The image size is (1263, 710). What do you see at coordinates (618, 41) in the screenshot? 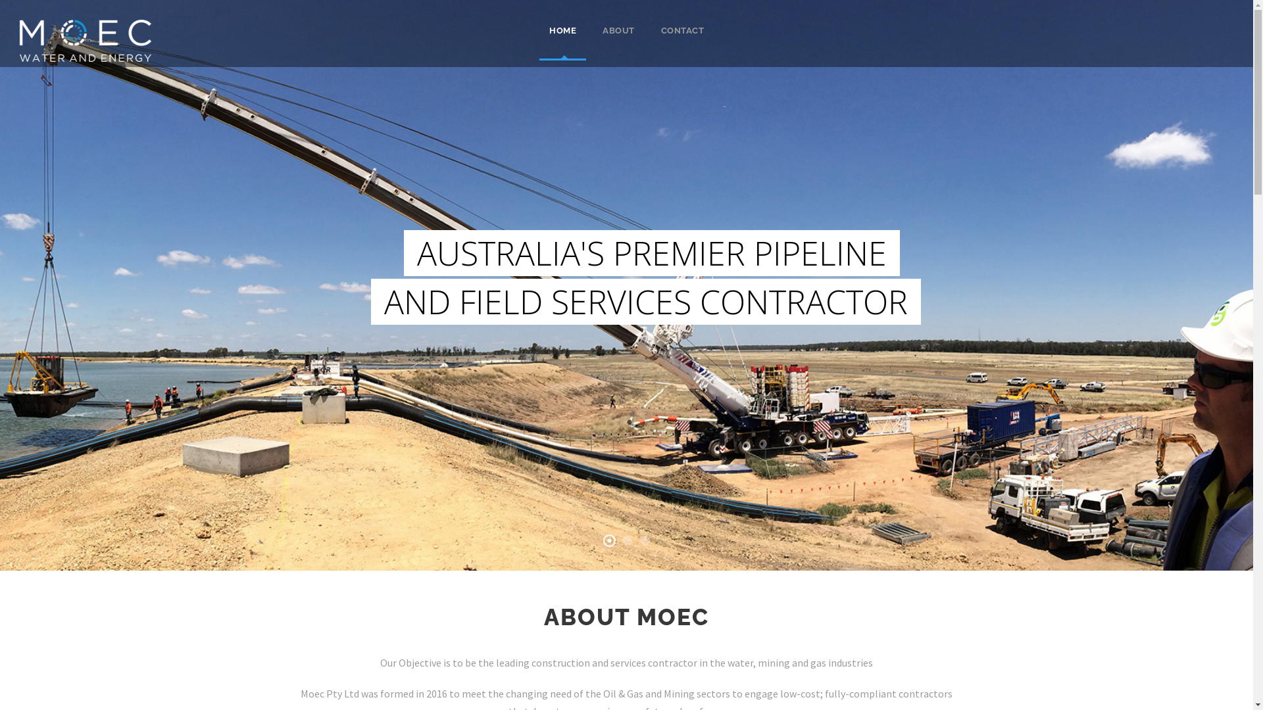
I see `'ABOUT'` at bounding box center [618, 41].